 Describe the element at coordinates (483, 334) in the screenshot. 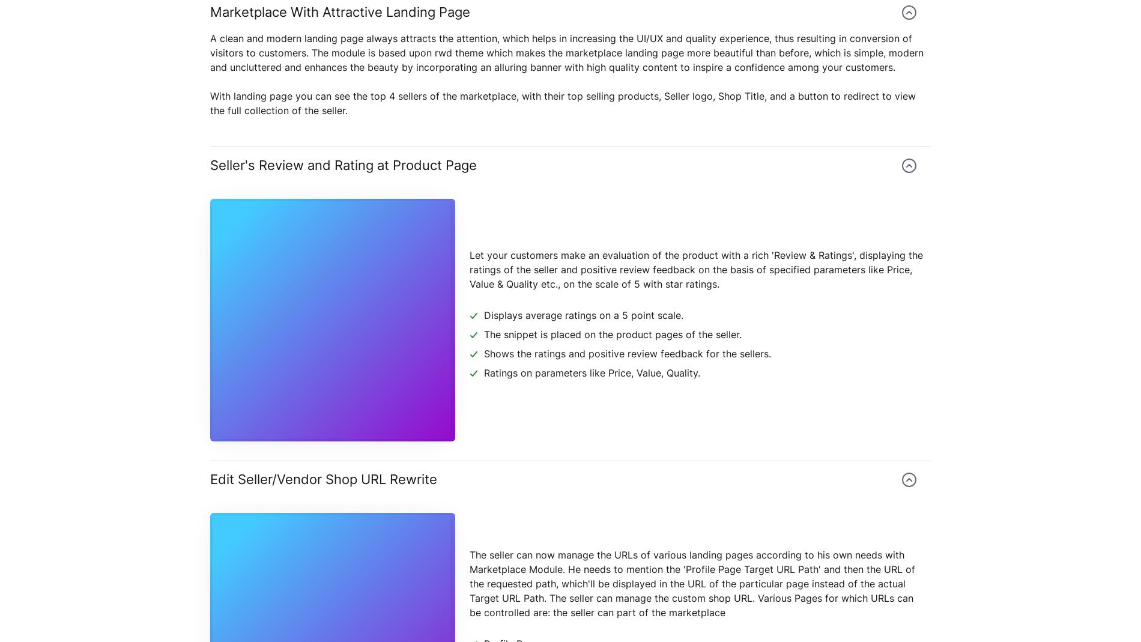

I see `'The snippet is placed on the product pages of the seller.'` at that location.